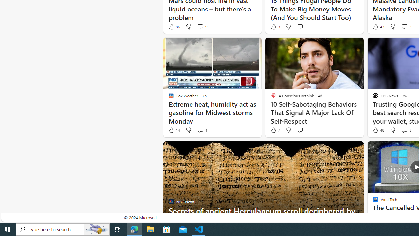 This screenshot has width=419, height=236. What do you see at coordinates (343, 149) in the screenshot?
I see `'Hide this story'` at bounding box center [343, 149].